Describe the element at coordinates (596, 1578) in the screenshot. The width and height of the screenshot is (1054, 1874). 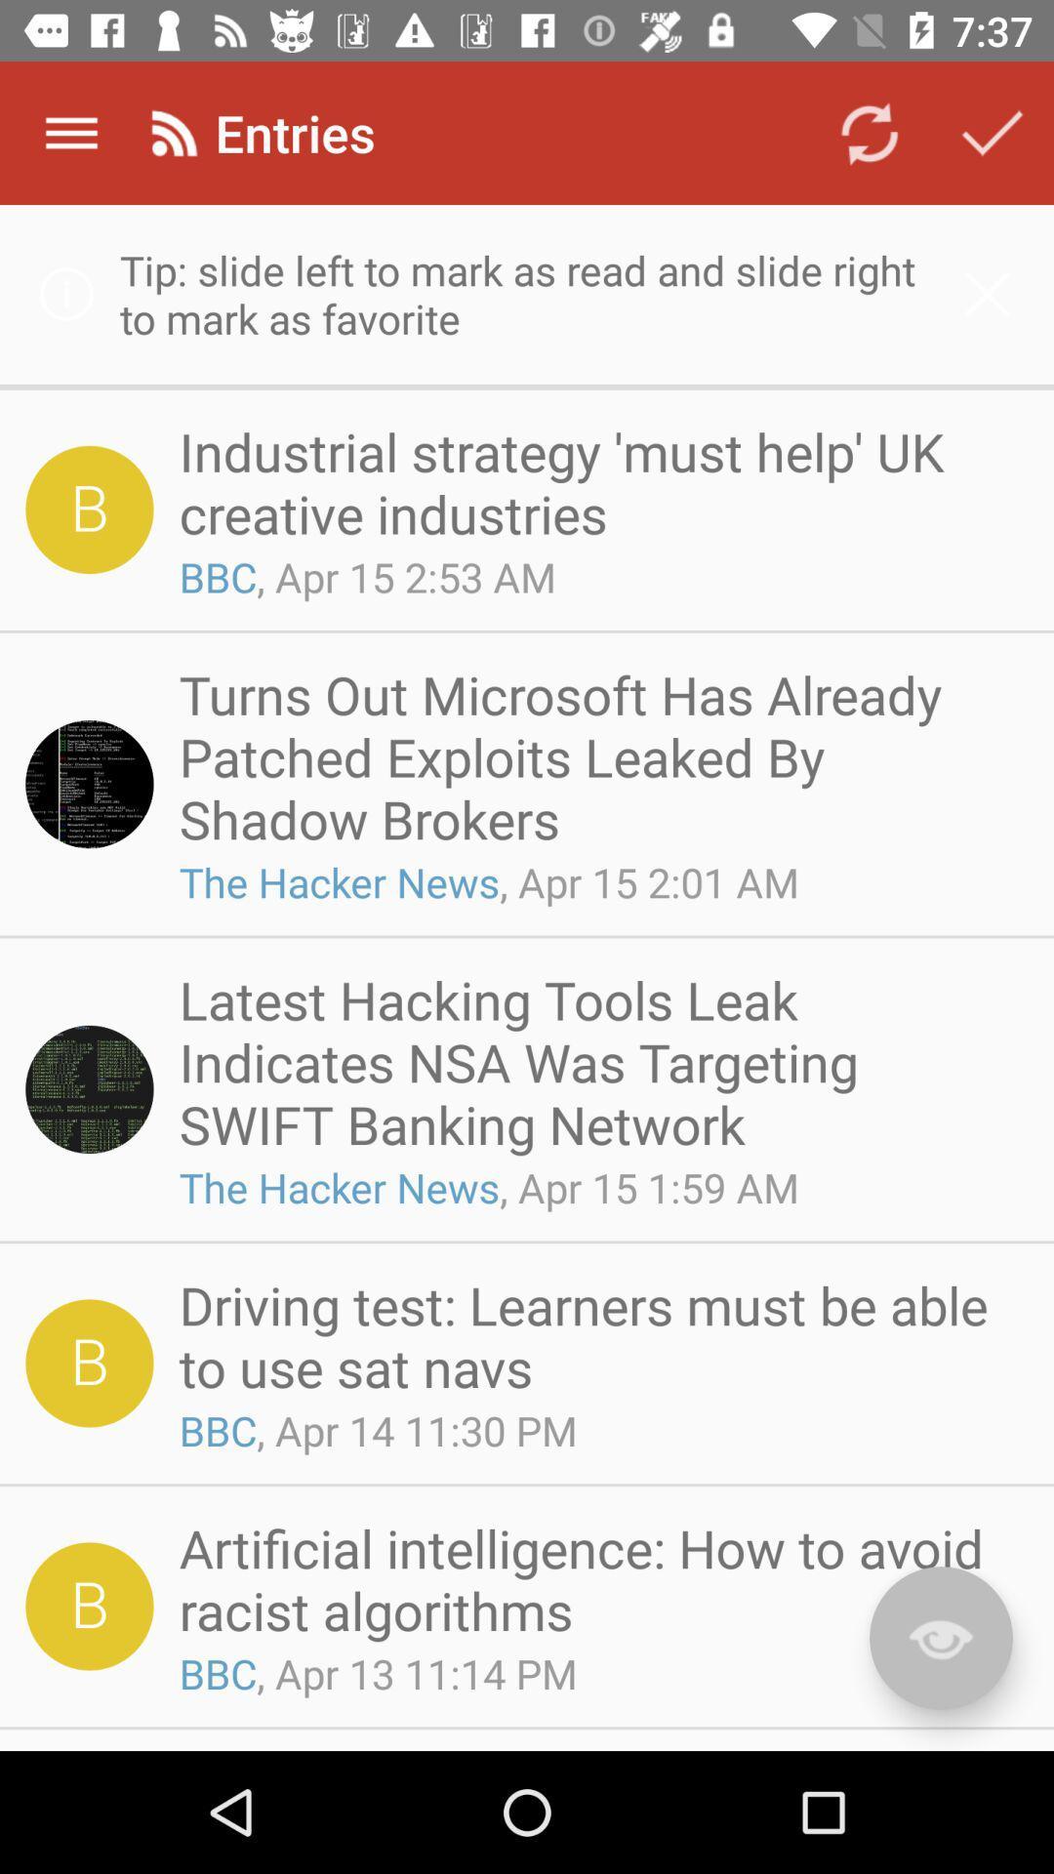
I see `artificial intelligence how app` at that location.